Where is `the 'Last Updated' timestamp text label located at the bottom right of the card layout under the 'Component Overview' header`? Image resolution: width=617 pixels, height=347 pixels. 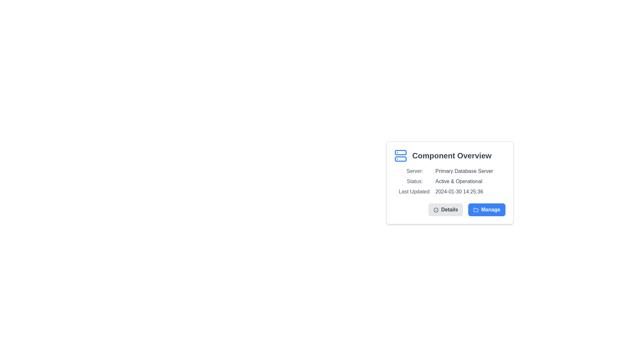 the 'Last Updated' timestamp text label located at the bottom right of the card layout under the 'Component Overview' header is located at coordinates (459, 191).